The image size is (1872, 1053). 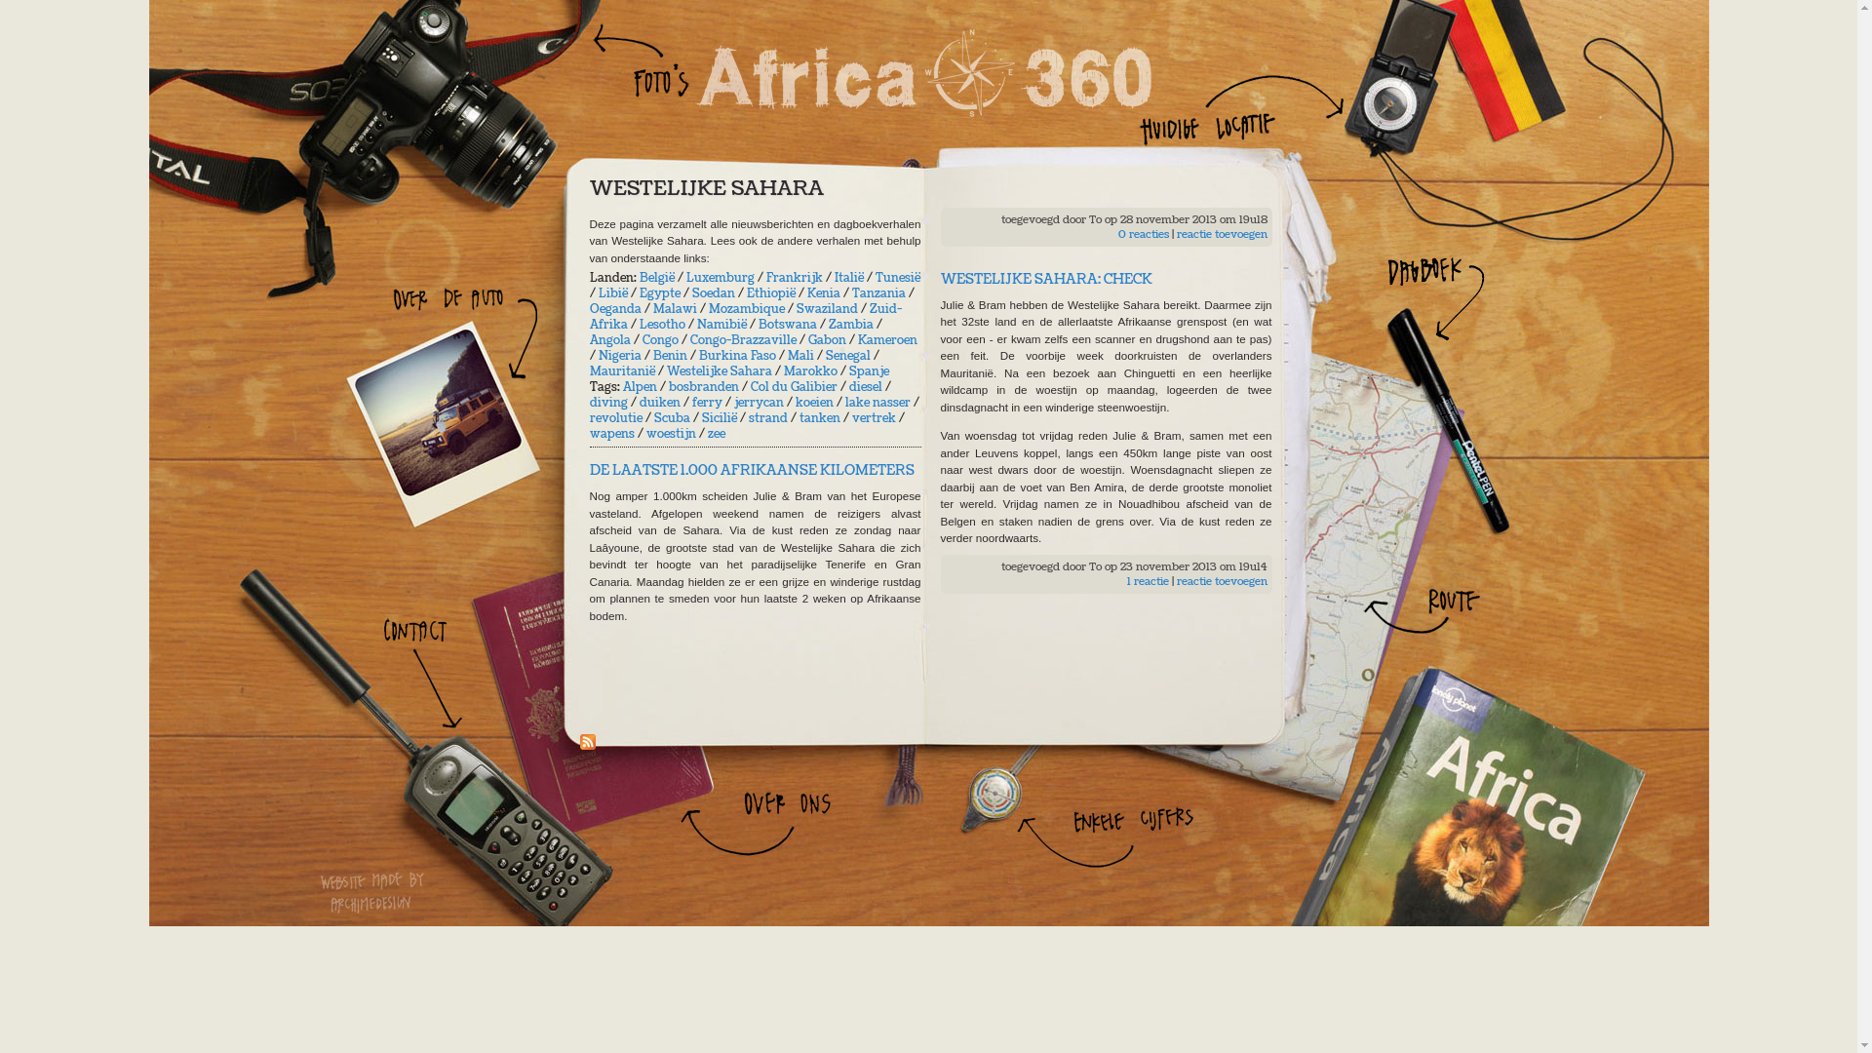 I want to click on 'Botswana', so click(x=757, y=323).